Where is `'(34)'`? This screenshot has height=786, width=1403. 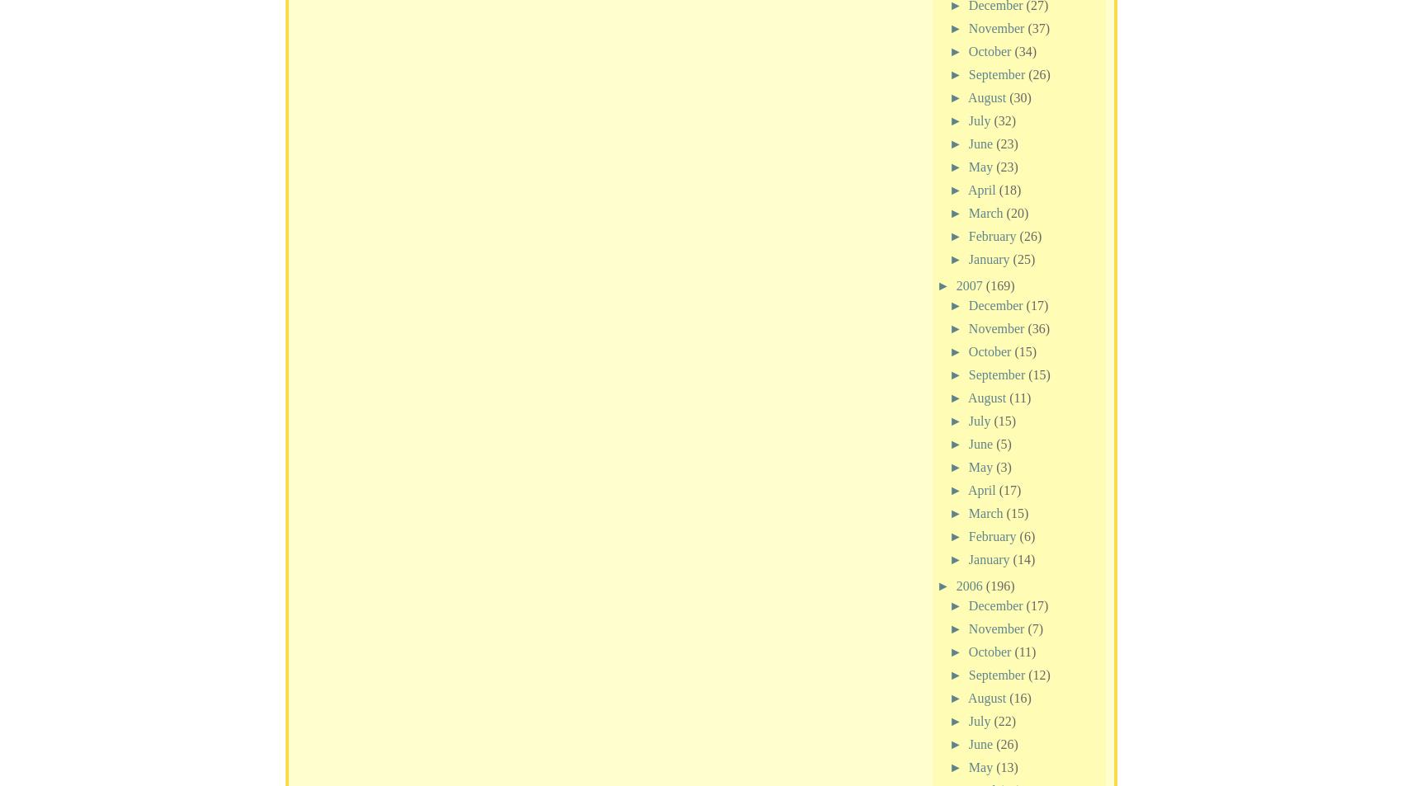 '(34)' is located at coordinates (1024, 49).